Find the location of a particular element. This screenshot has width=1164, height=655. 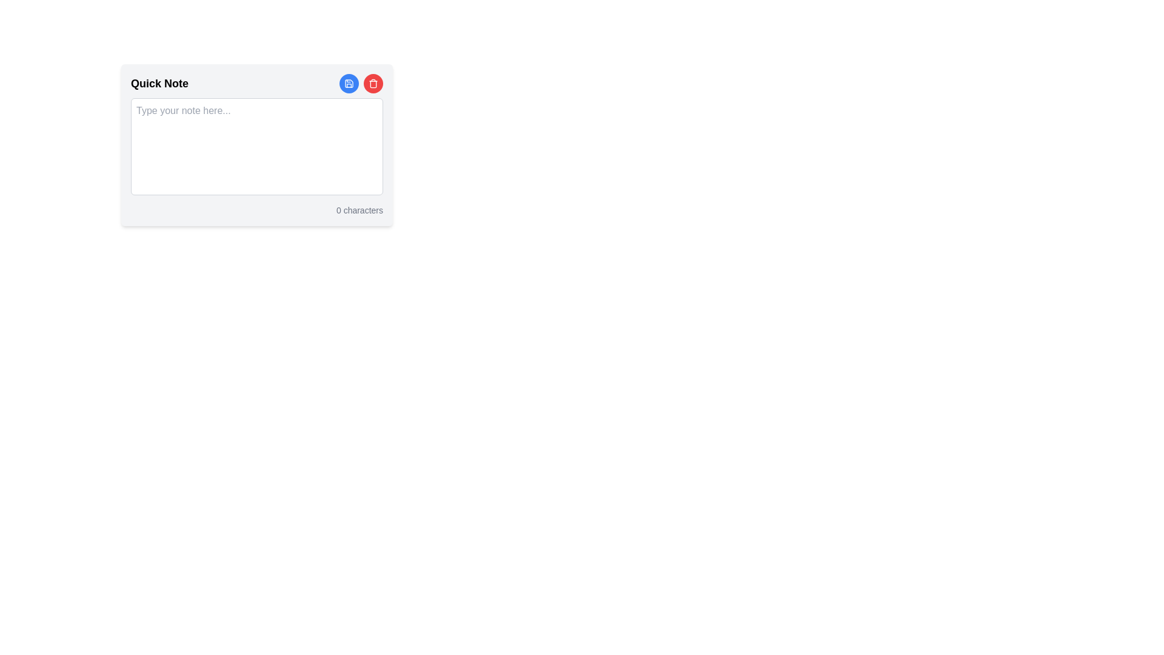

the text within the centrally positioned text input area located below the title 'Quick Note' and above the '0 characters' text is located at coordinates (256, 144).